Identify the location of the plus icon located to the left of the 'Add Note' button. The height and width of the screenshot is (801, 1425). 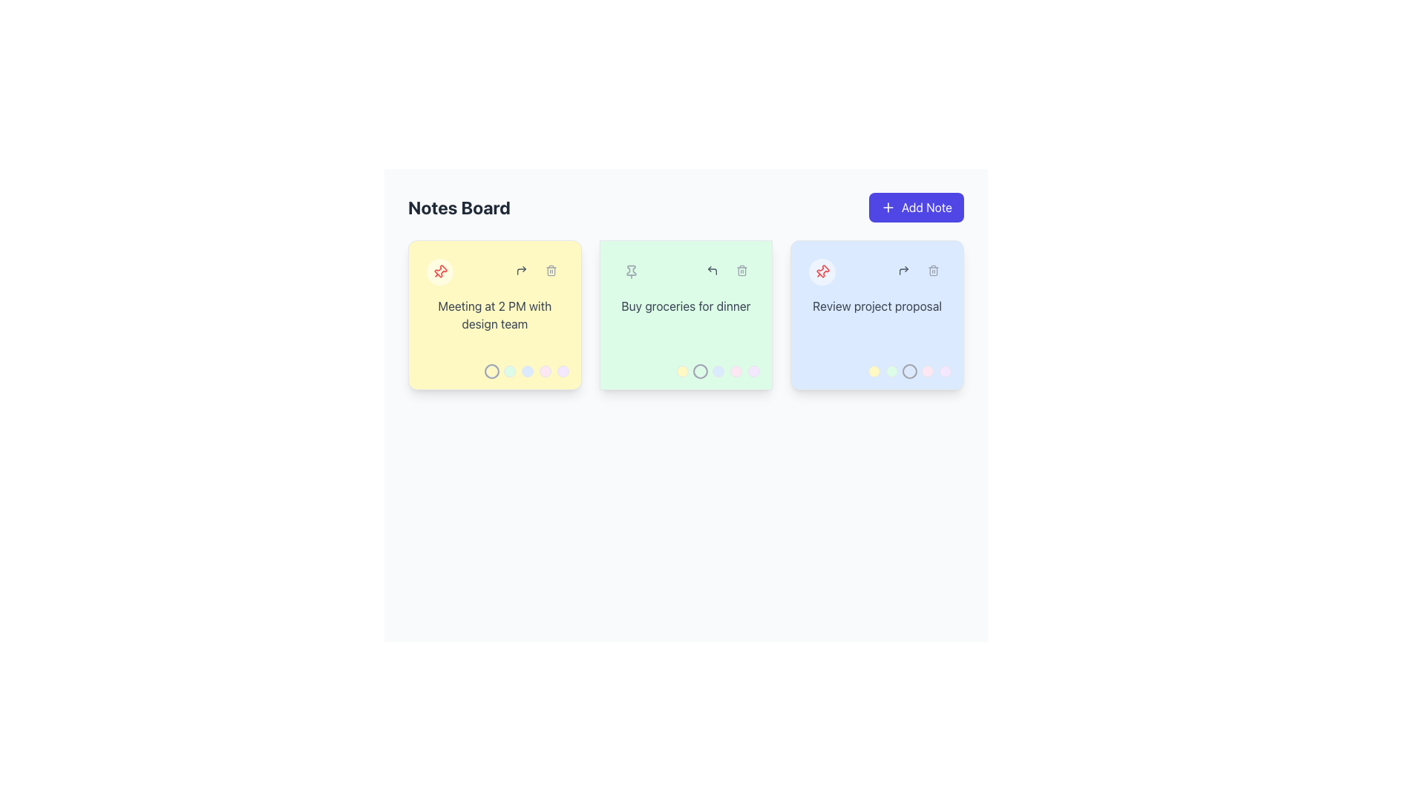
(888, 208).